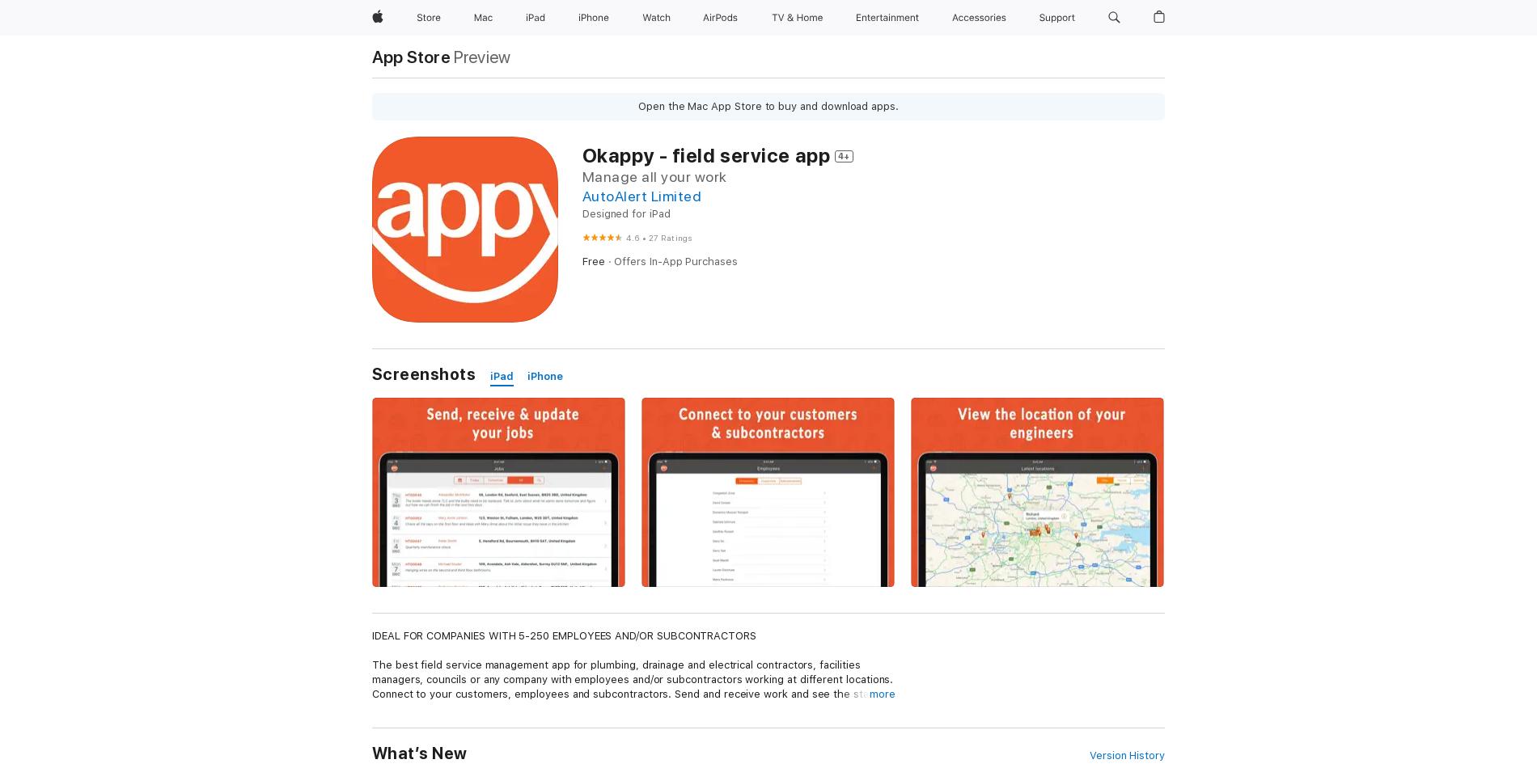 The height and width of the screenshot is (768, 1537). Describe the element at coordinates (705, 155) in the screenshot. I see `'Okappy - field service app'` at that location.